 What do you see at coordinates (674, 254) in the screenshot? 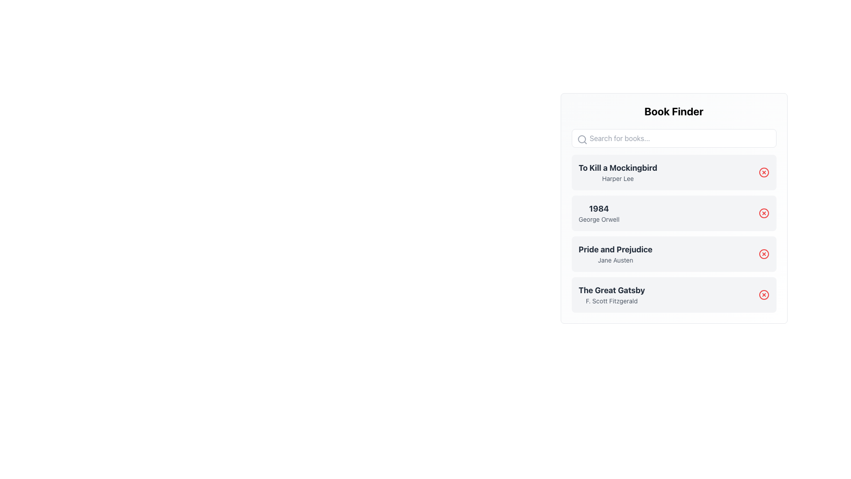
I see `the third book entry titled 'Pride and Prejudice' by Jane Austen in the 'Book Finder' section, which features a circular red icon with an 'X' for removal` at bounding box center [674, 254].